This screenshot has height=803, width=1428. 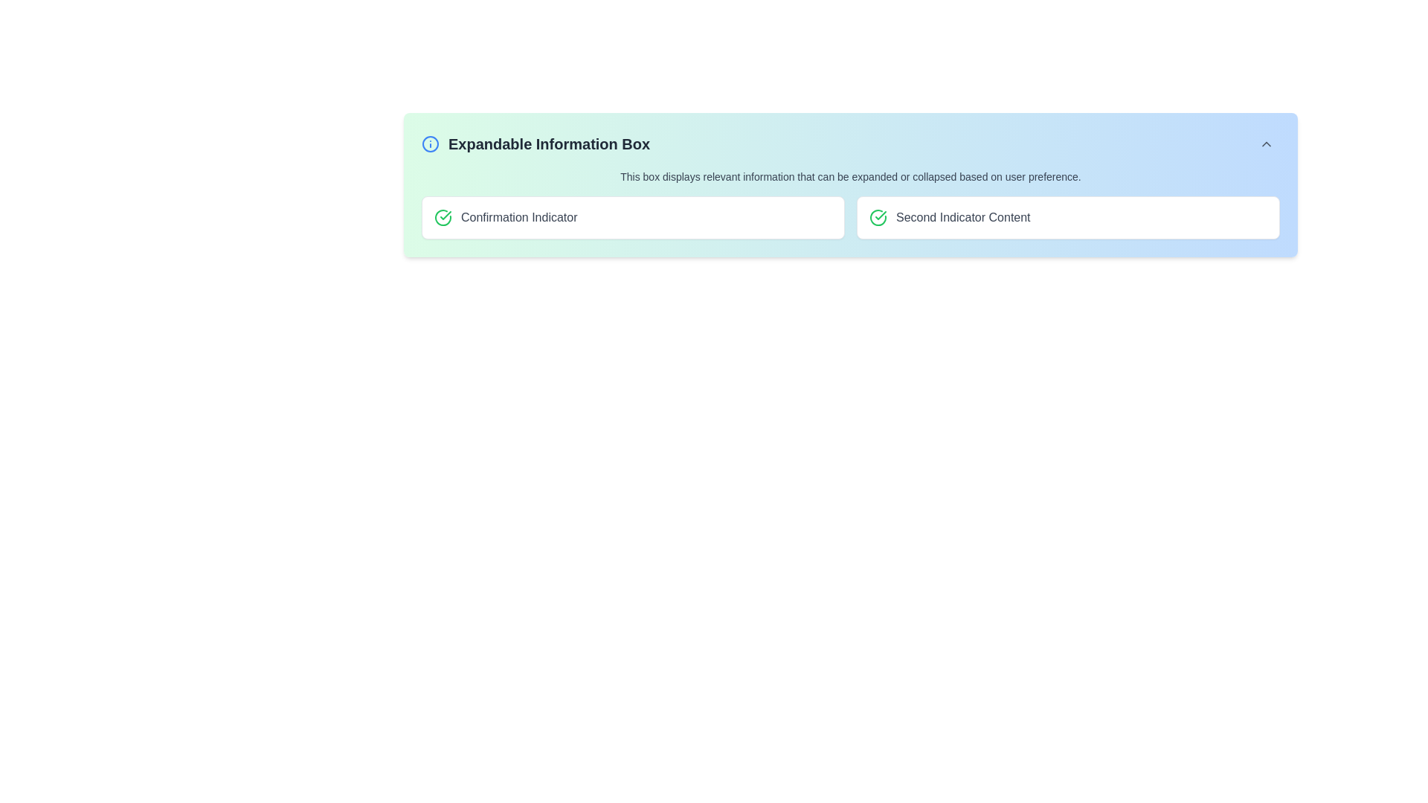 What do you see at coordinates (445, 215) in the screenshot?
I see `the checkmark icon within the green circular 'Confirmation Indicator' in the 'Expandable Information Box'` at bounding box center [445, 215].